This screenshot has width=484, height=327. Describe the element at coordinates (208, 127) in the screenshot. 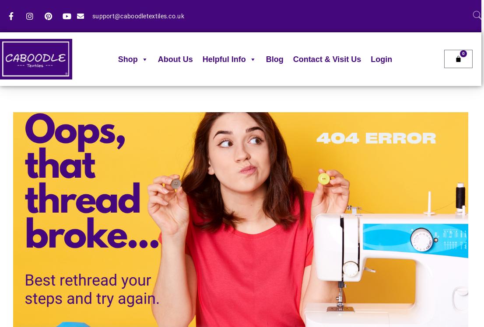

I see `'FAQ'` at that location.